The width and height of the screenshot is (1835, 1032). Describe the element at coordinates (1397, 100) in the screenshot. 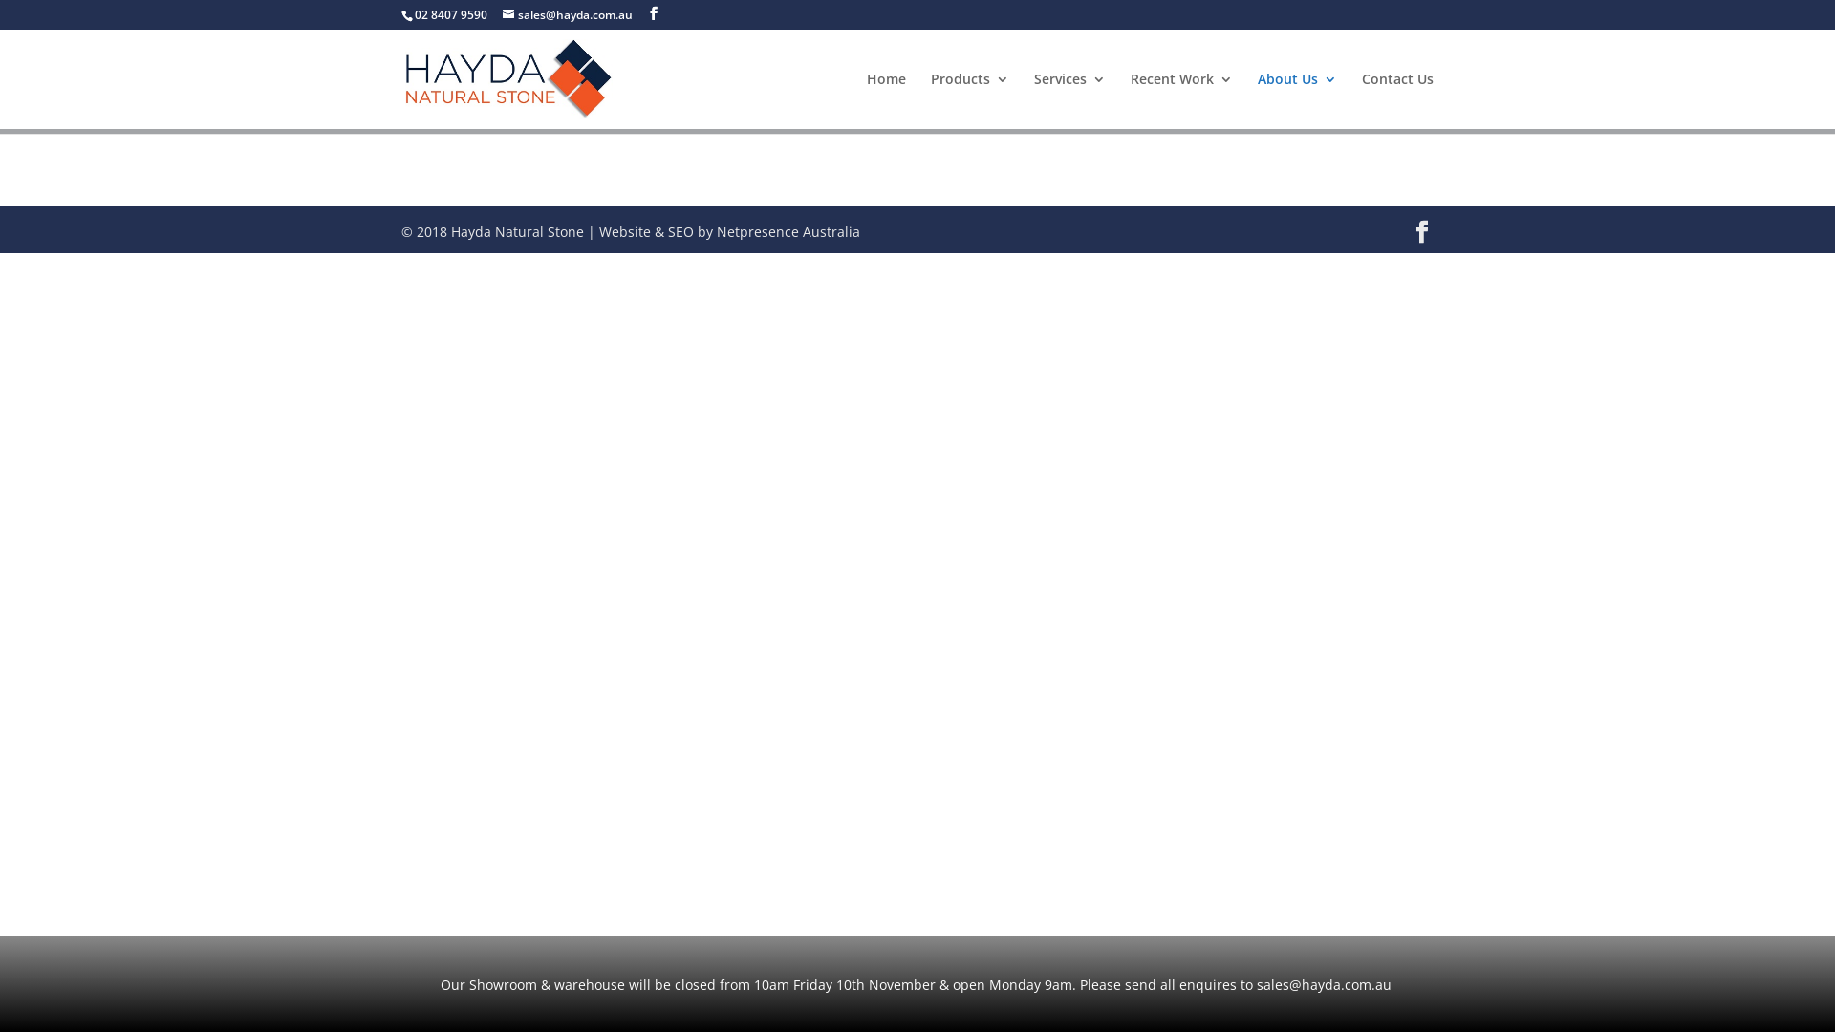

I see `'Contact Us'` at that location.